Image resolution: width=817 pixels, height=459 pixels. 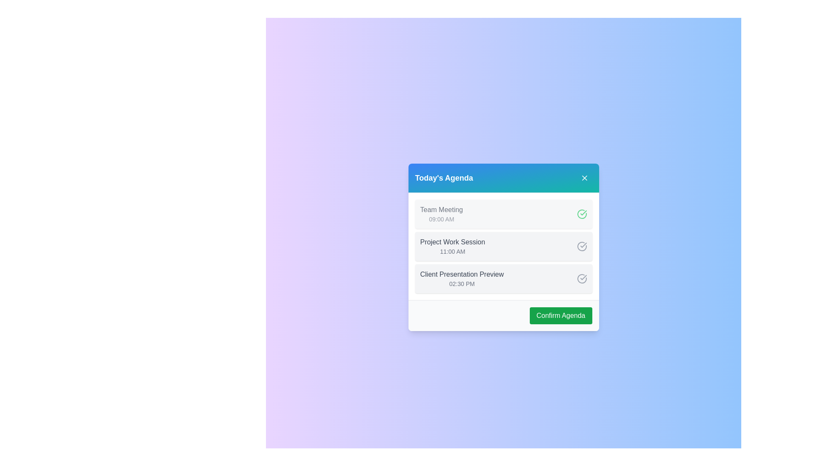 What do you see at coordinates (561, 316) in the screenshot?
I see `the 'Confirm Agenda' button to finalize the tasks` at bounding box center [561, 316].